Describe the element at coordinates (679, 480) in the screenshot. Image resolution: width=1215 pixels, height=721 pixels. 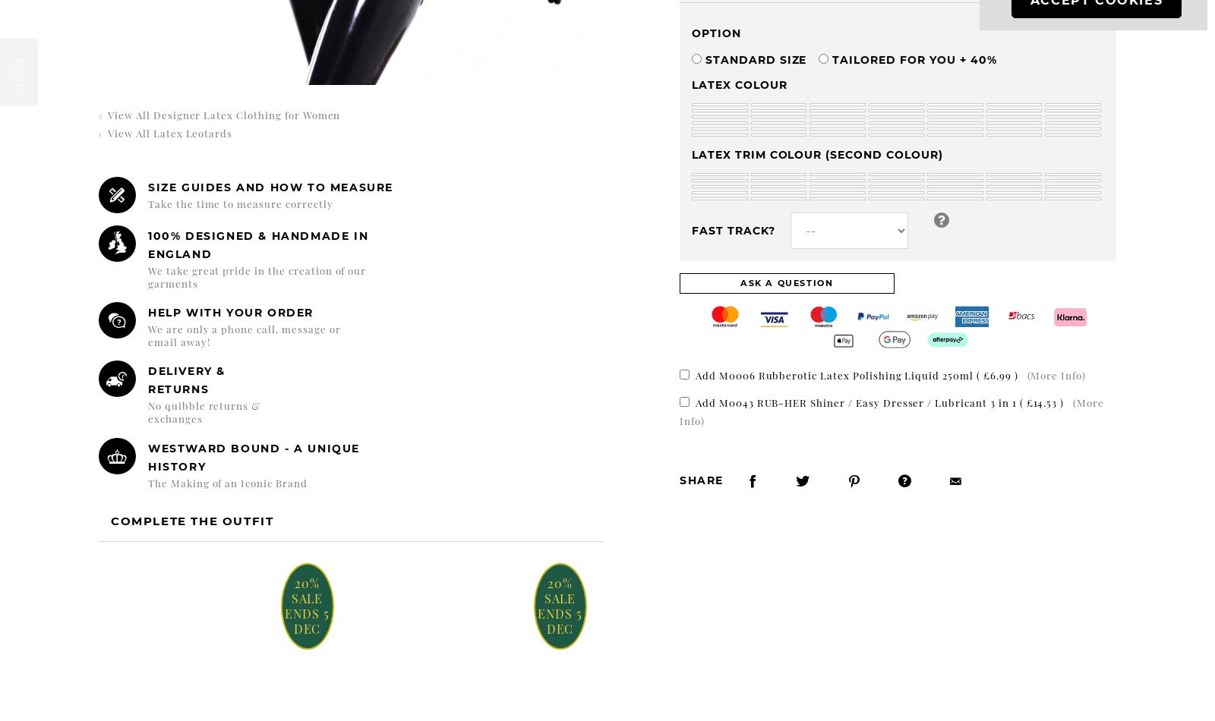
I see `'Share'` at that location.